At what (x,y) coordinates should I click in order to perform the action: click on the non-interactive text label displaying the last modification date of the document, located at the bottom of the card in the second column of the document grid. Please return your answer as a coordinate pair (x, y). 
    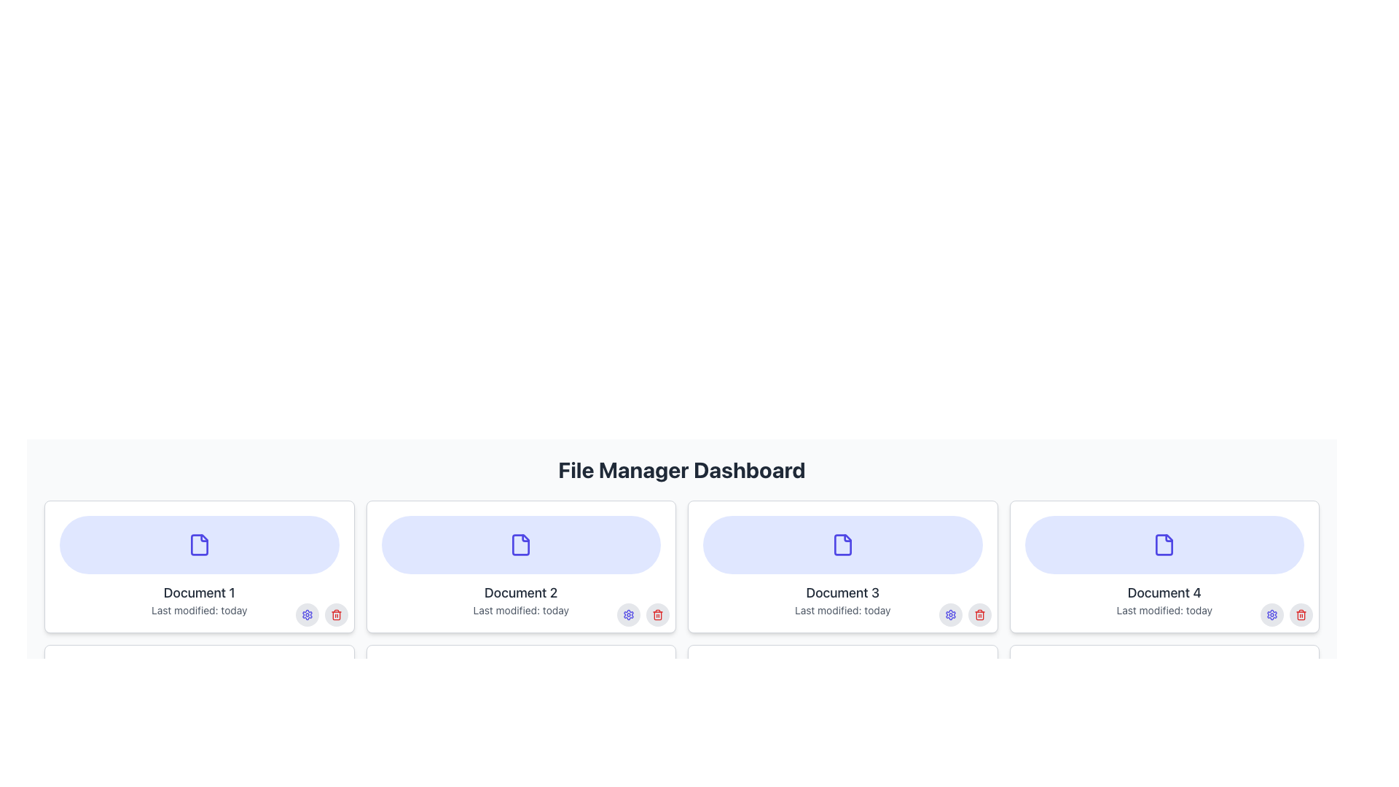
    Looking at the image, I should click on (521, 610).